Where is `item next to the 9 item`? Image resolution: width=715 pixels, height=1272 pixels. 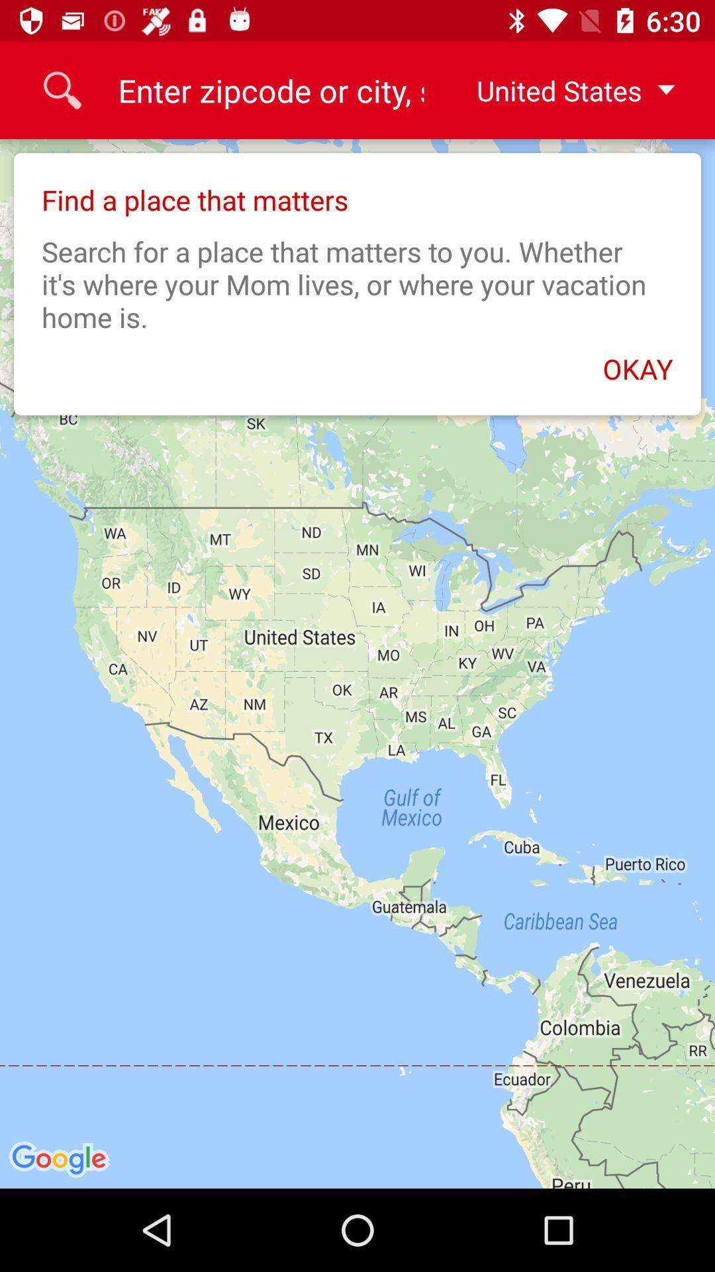 item next to the 9 item is located at coordinates (565, 89).